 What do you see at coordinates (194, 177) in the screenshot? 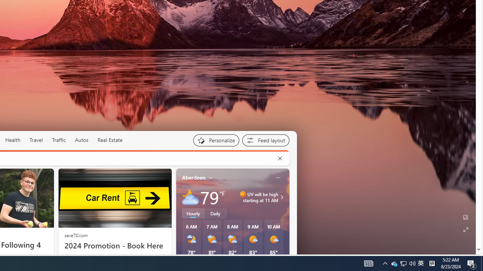
I see `'Aberdeen'` at bounding box center [194, 177].